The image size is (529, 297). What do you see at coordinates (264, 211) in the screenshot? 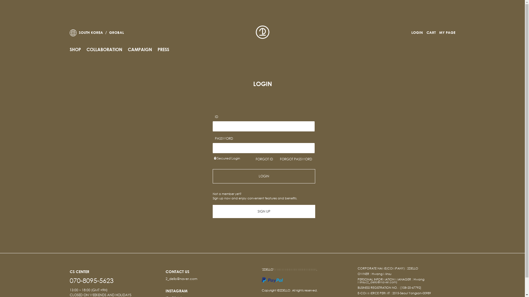
I see `'SIGN UP'` at bounding box center [264, 211].